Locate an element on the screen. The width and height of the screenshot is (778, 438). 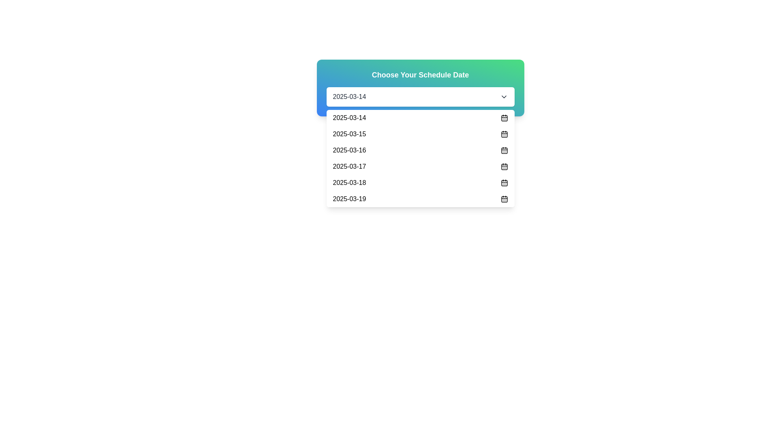
the static text label representing the date in the second position of the dropdown menu under 'Choose Your Schedule Date' is located at coordinates (349, 134).